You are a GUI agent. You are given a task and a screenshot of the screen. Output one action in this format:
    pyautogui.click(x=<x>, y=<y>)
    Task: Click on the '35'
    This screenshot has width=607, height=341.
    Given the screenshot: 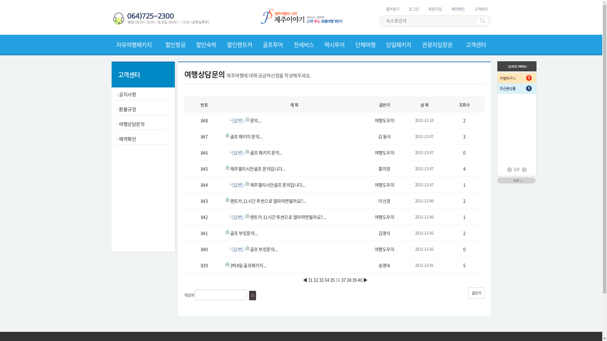 What is the action you would take?
    pyautogui.click(x=332, y=279)
    